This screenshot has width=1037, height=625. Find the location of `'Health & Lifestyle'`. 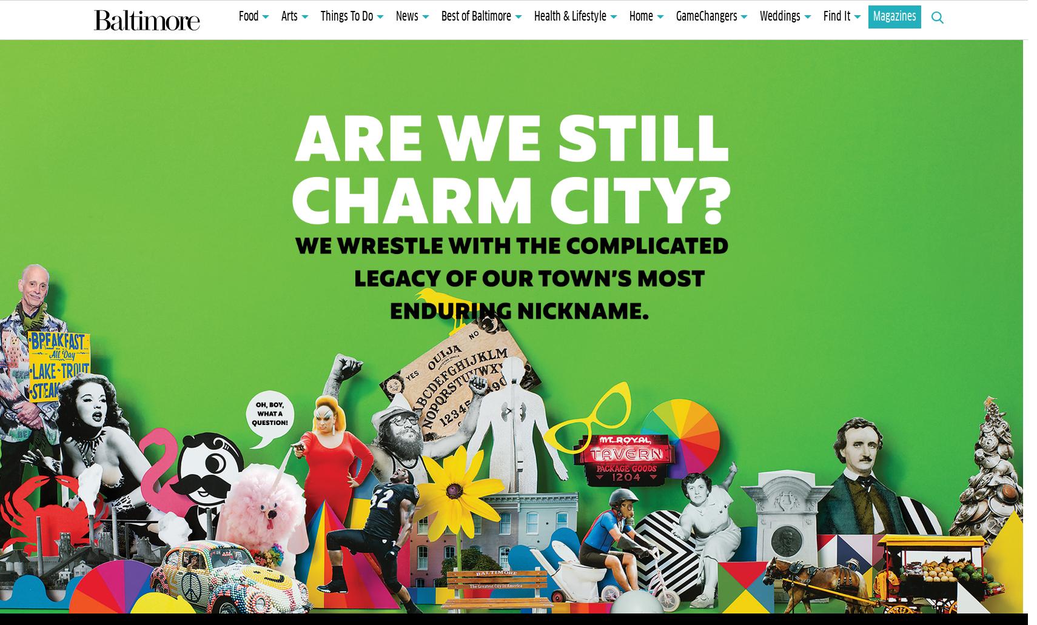

'Health & Lifestyle' is located at coordinates (532, 17).